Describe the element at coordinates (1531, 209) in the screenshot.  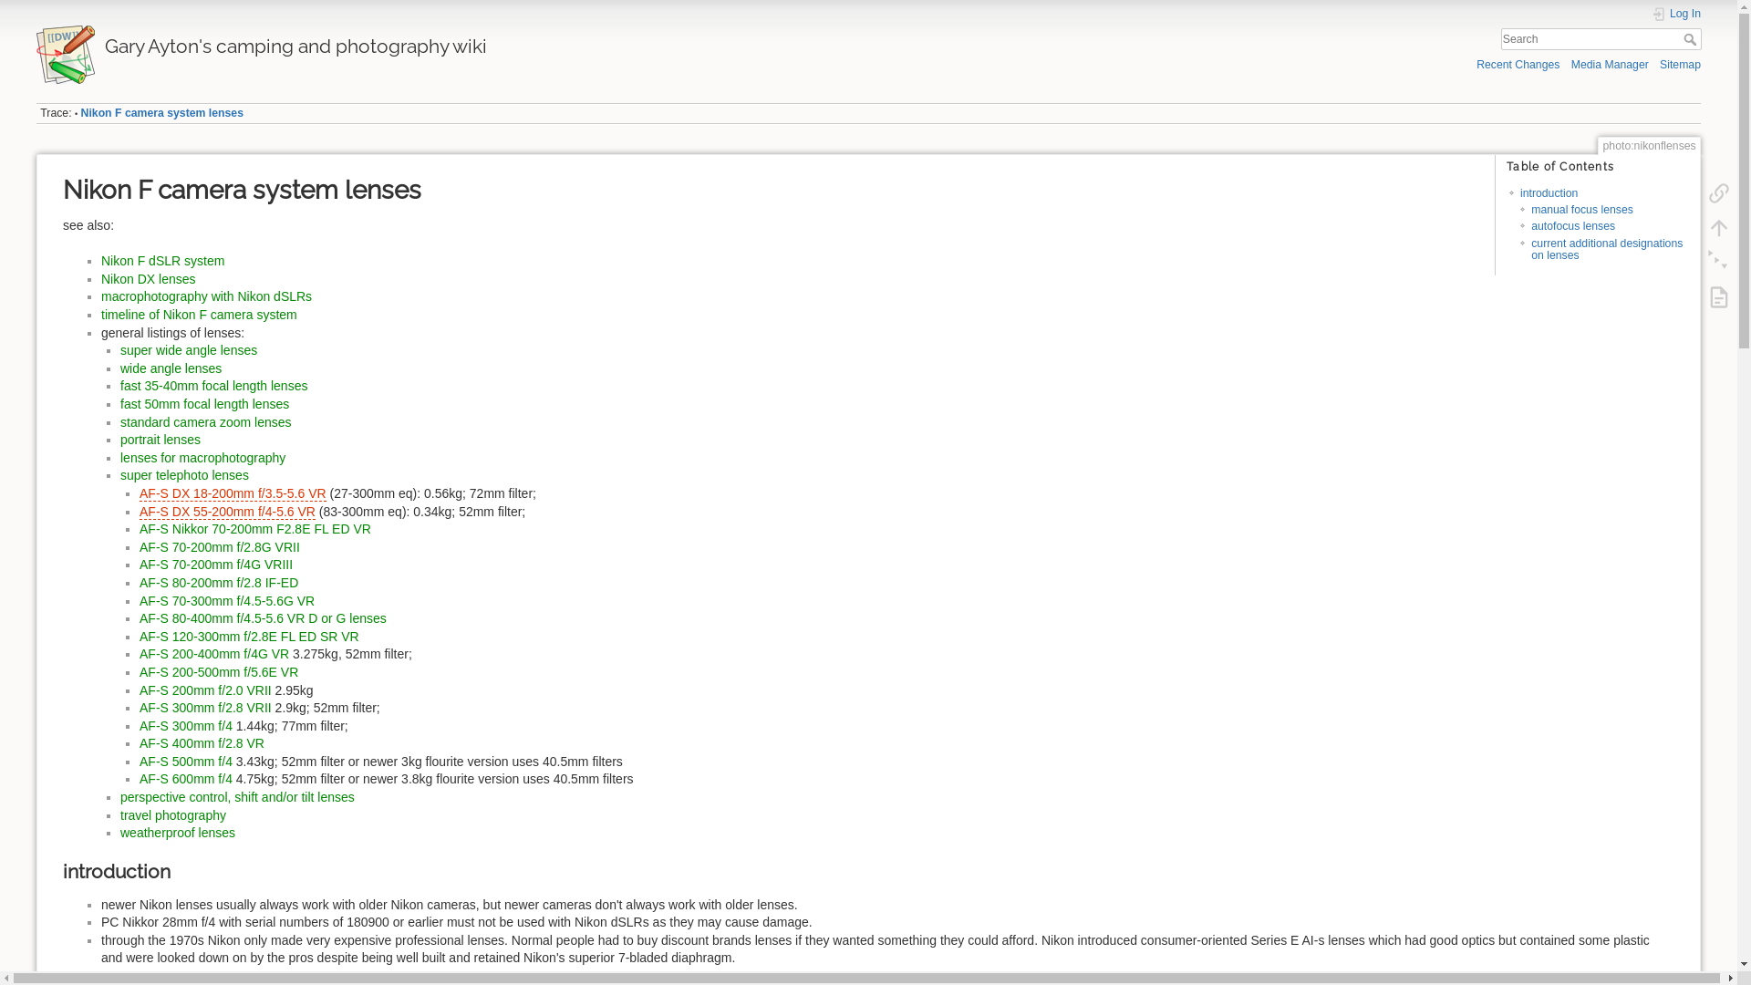
I see `'manual focus lenses'` at that location.